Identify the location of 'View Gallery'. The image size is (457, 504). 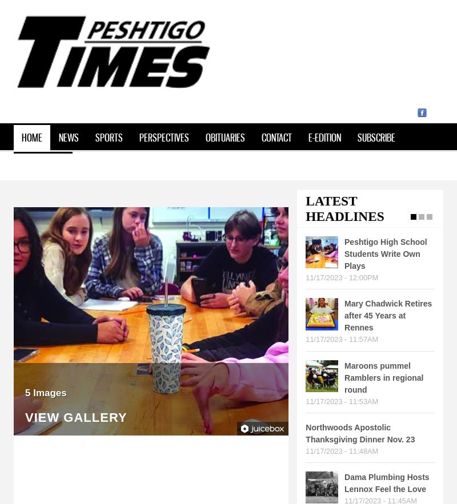
(25, 417).